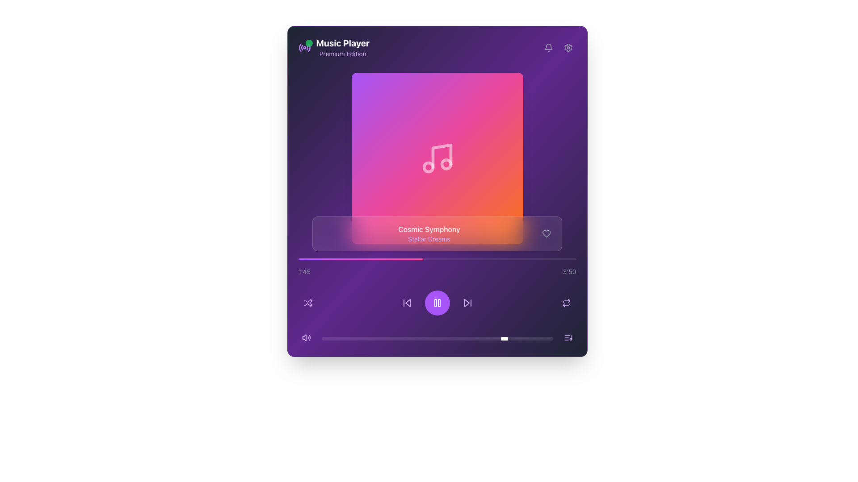 Image resolution: width=858 pixels, height=482 pixels. I want to click on the music management button located at the lower-right corner of the interface, so click(568, 337).